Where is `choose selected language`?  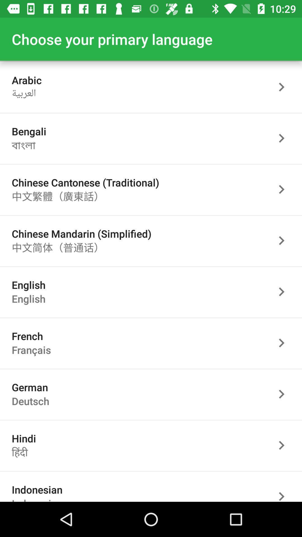 choose selected language is located at coordinates (284, 241).